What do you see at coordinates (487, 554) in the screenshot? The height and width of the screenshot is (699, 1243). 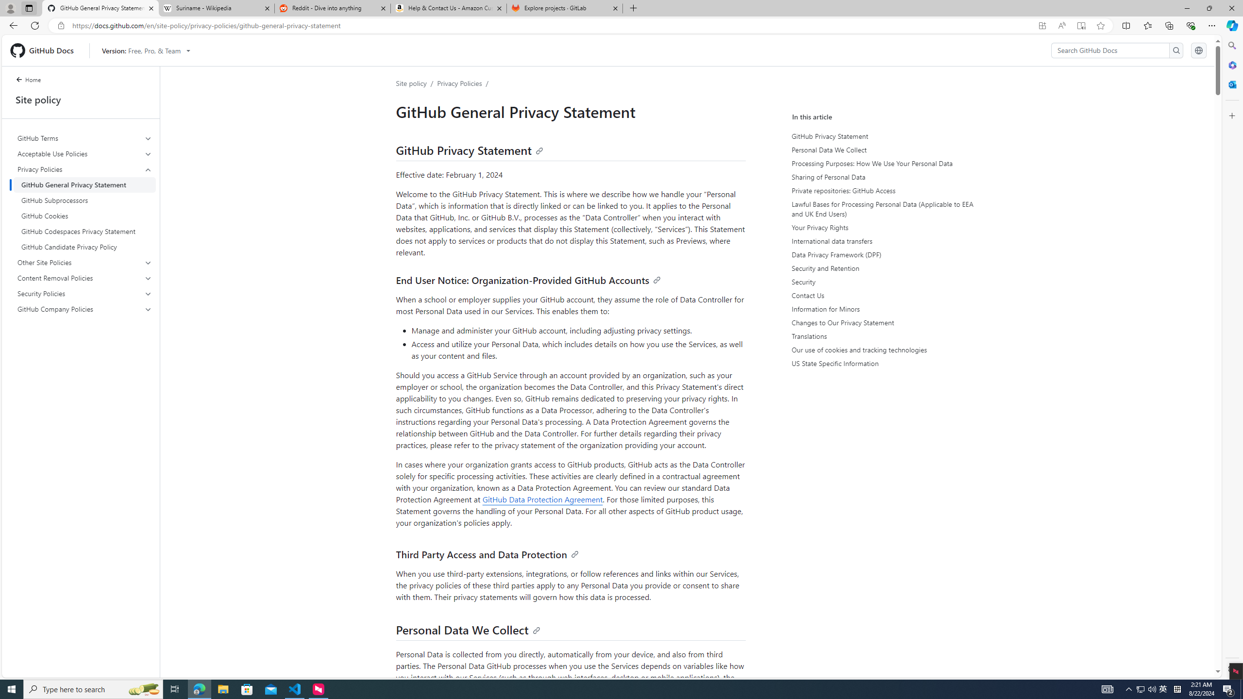 I see `'Third Party Access and Data Protection'` at bounding box center [487, 554].